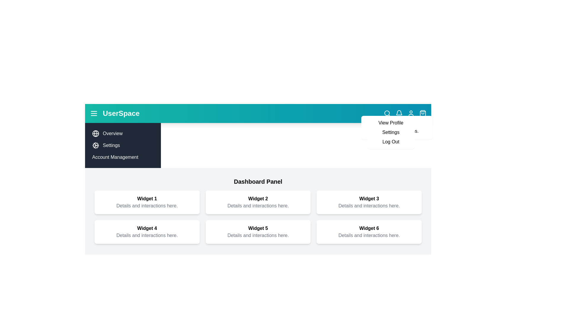  What do you see at coordinates (411, 113) in the screenshot?
I see `the user profile icon, which is a white line-style icon located in a teal section at the top-right corner of the page, specifically the sixth icon in a horizontal group` at bounding box center [411, 113].